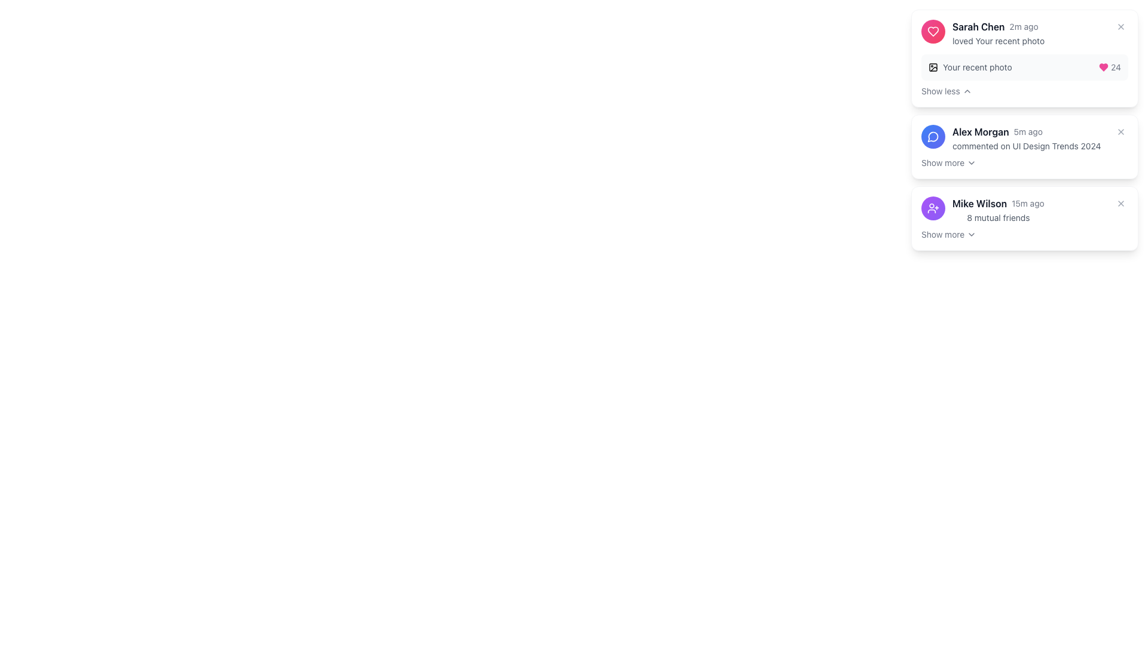 This screenshot has height=645, width=1148. Describe the element at coordinates (932, 67) in the screenshot. I see `the rectangle shape within the SVG that represents an image or photo-related activity in the notification card for 'Sarah Chen's' activity` at that location.